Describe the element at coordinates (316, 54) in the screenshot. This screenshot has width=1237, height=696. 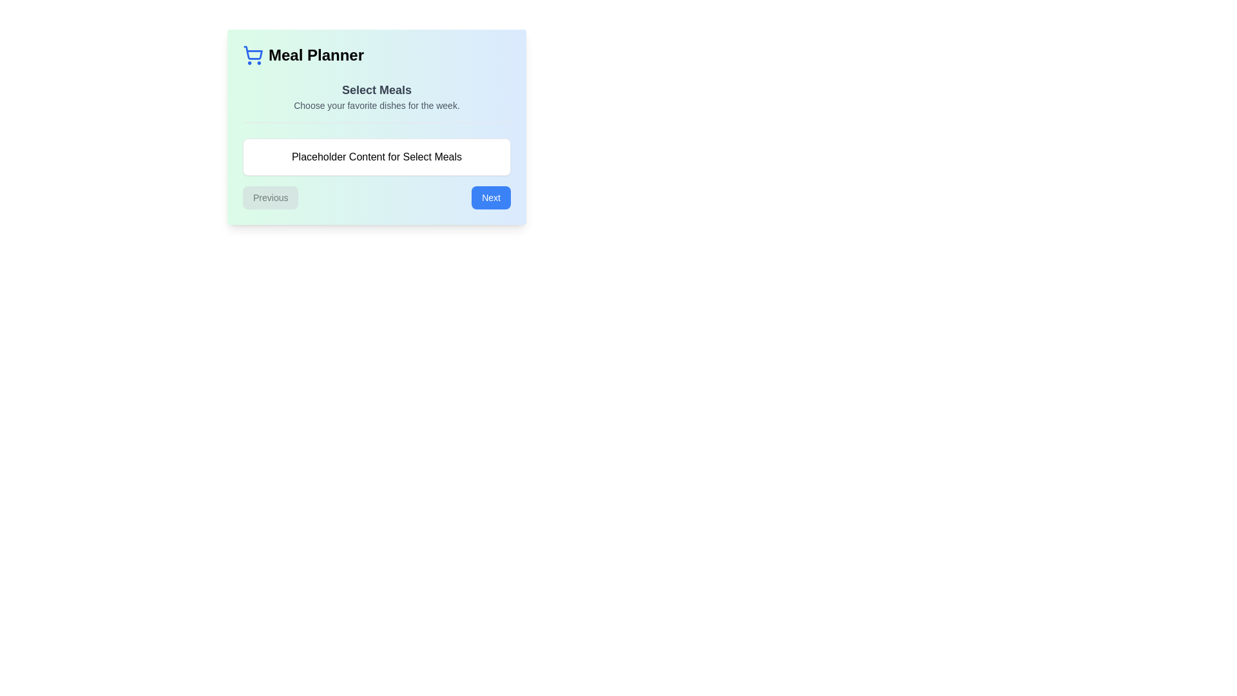
I see `the bold, black text labeled 'Meal Planner', which is styled with a large font size and positioned to the right of a blue shopping cart icon` at that location.